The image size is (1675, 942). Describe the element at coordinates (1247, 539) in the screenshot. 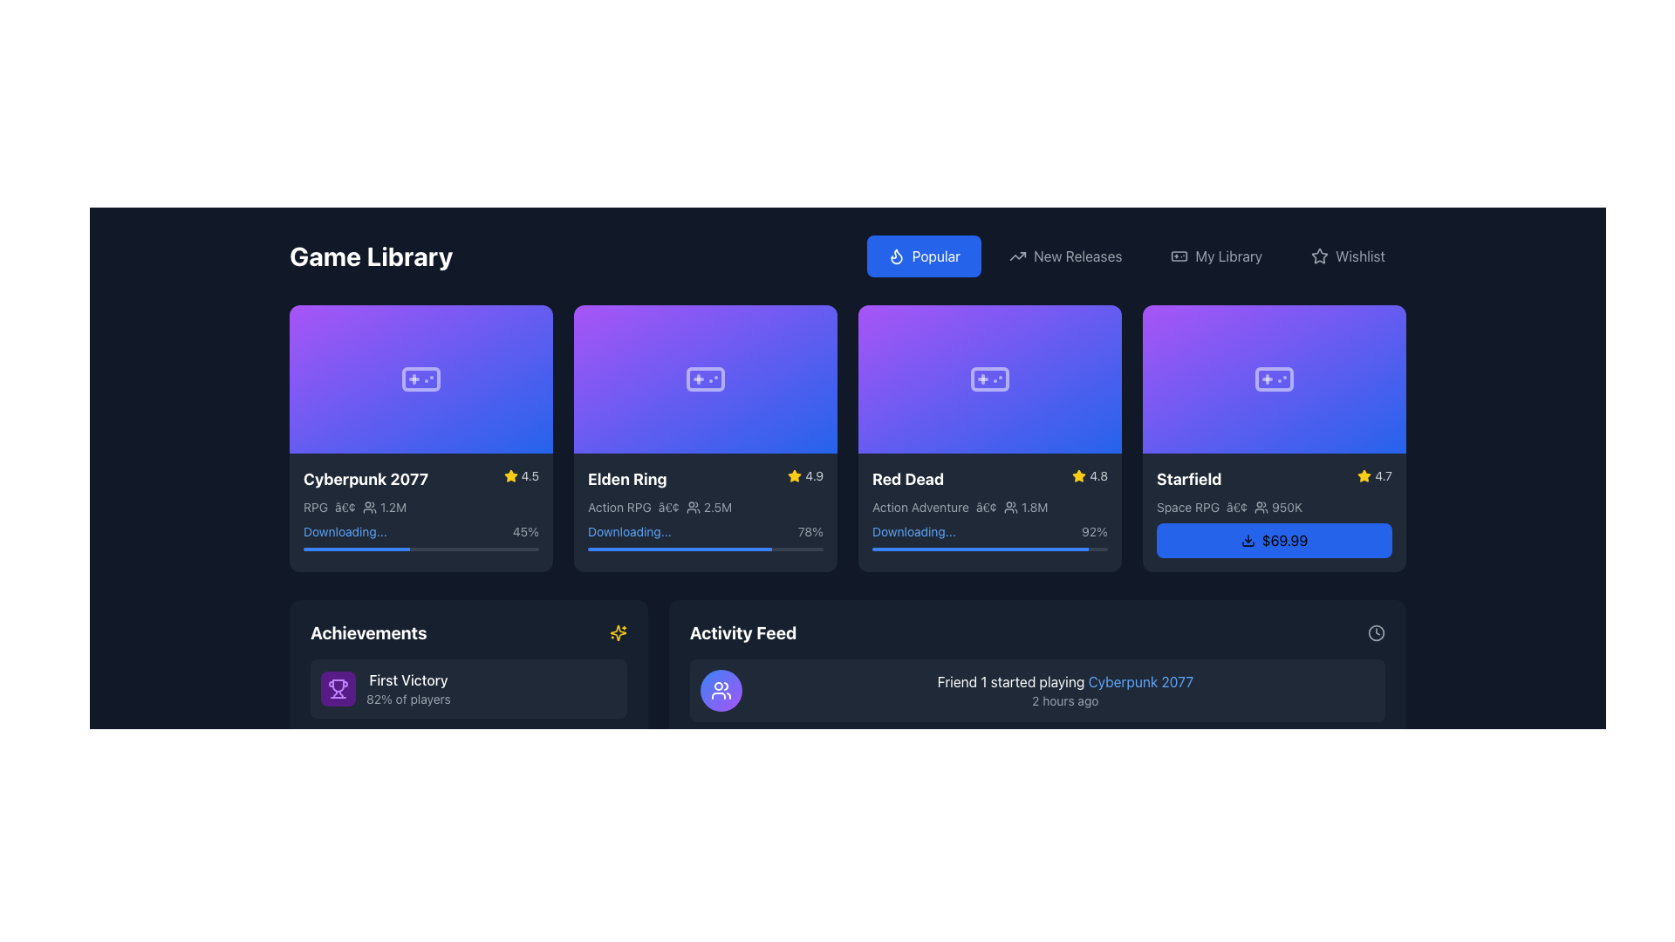

I see `the blue download icon with a downward-facing arrow located to the left of the '$69.99' text on the 'Starfield' card in the game library interface` at that location.